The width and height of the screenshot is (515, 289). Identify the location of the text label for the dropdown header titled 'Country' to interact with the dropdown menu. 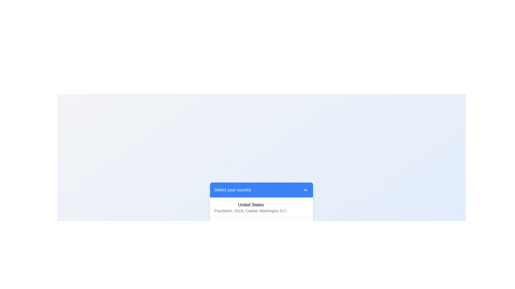
(233, 189).